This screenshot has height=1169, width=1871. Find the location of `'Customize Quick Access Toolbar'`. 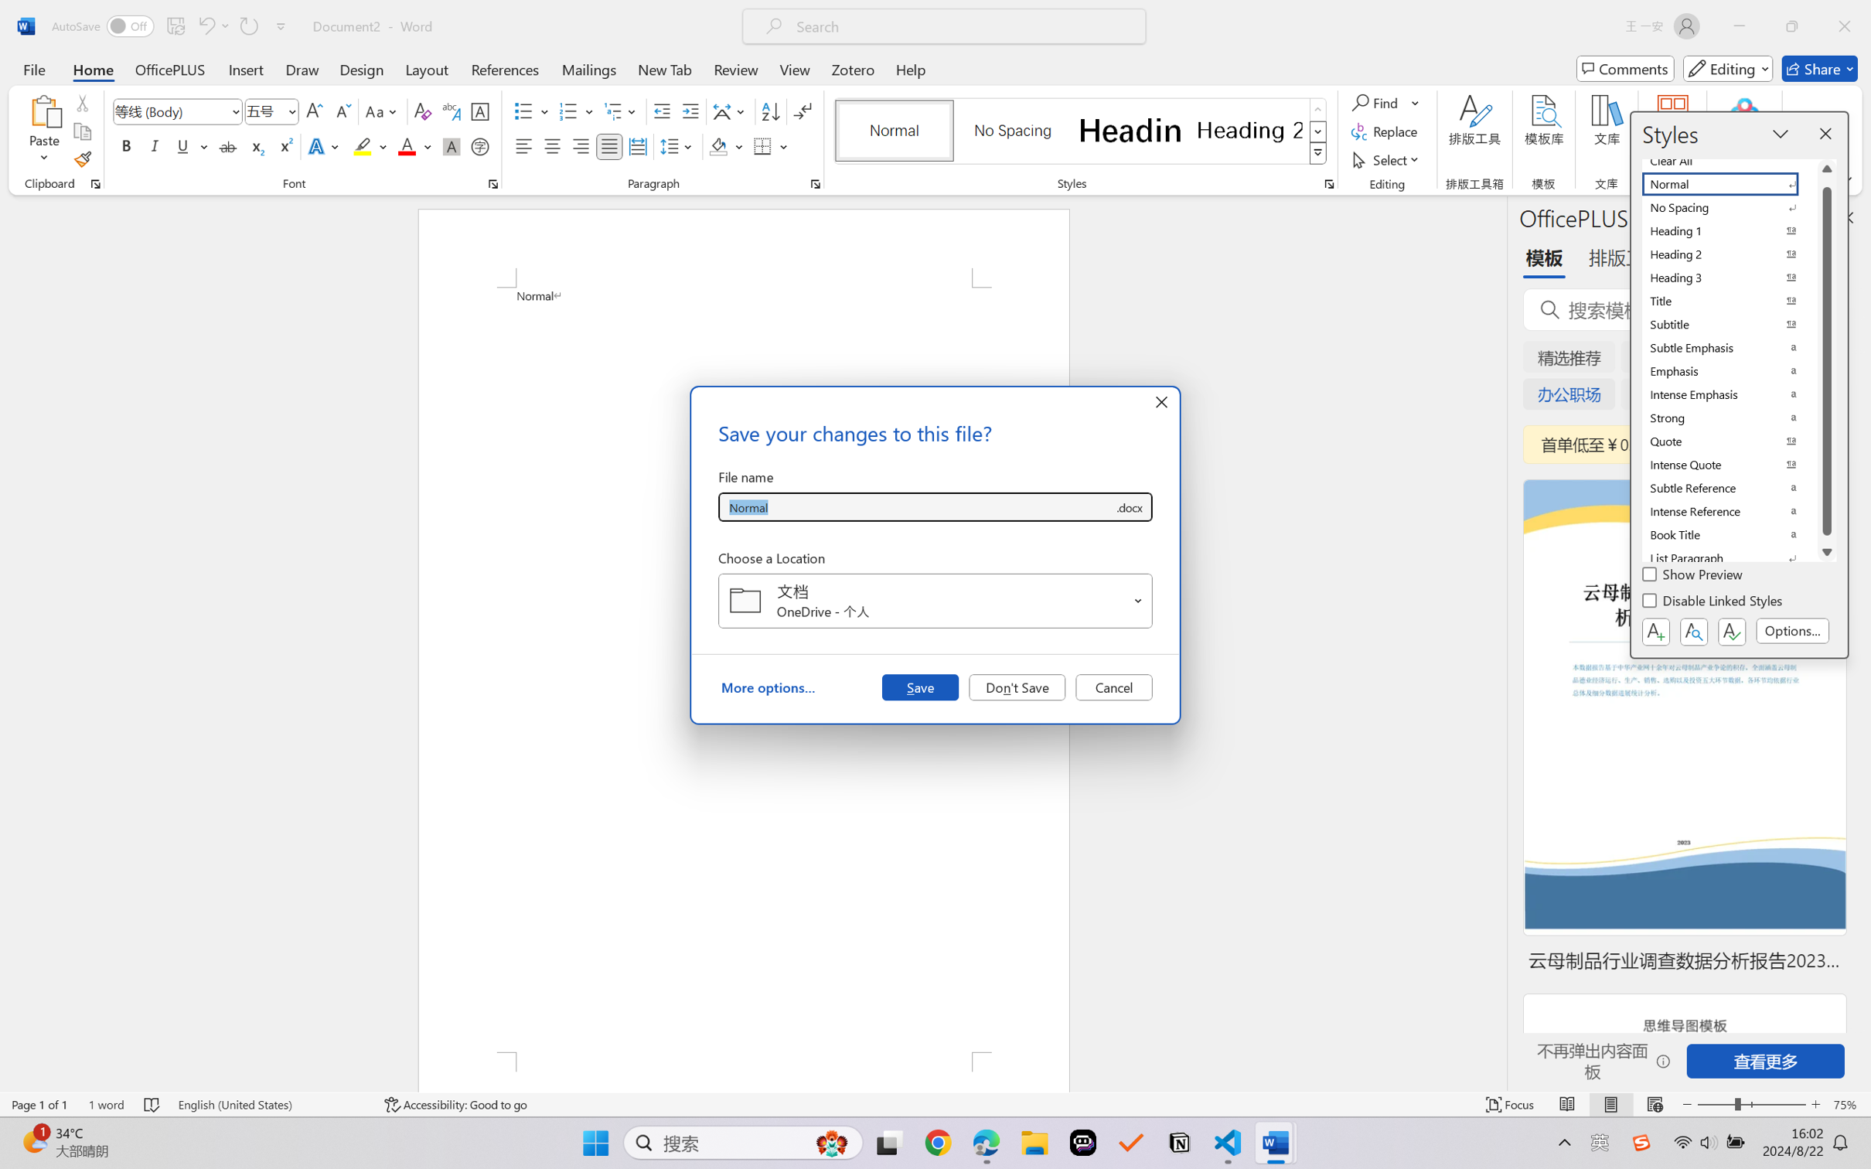

'Customize Quick Access Toolbar' is located at coordinates (281, 26).